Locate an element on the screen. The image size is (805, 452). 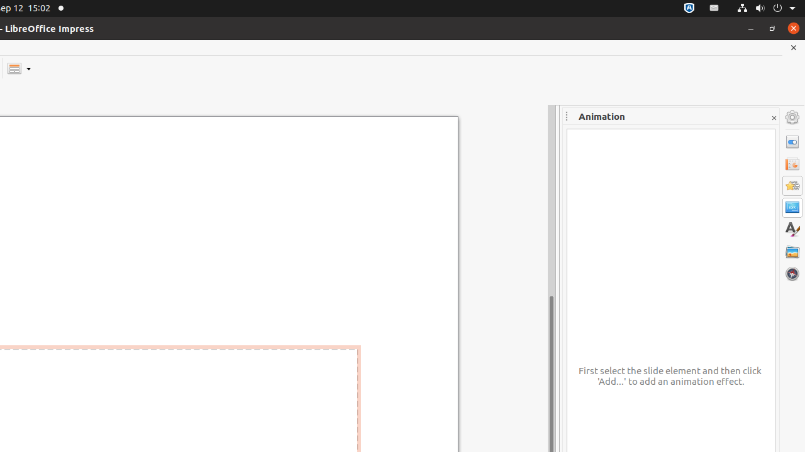
'Master Slides' is located at coordinates (792, 207).